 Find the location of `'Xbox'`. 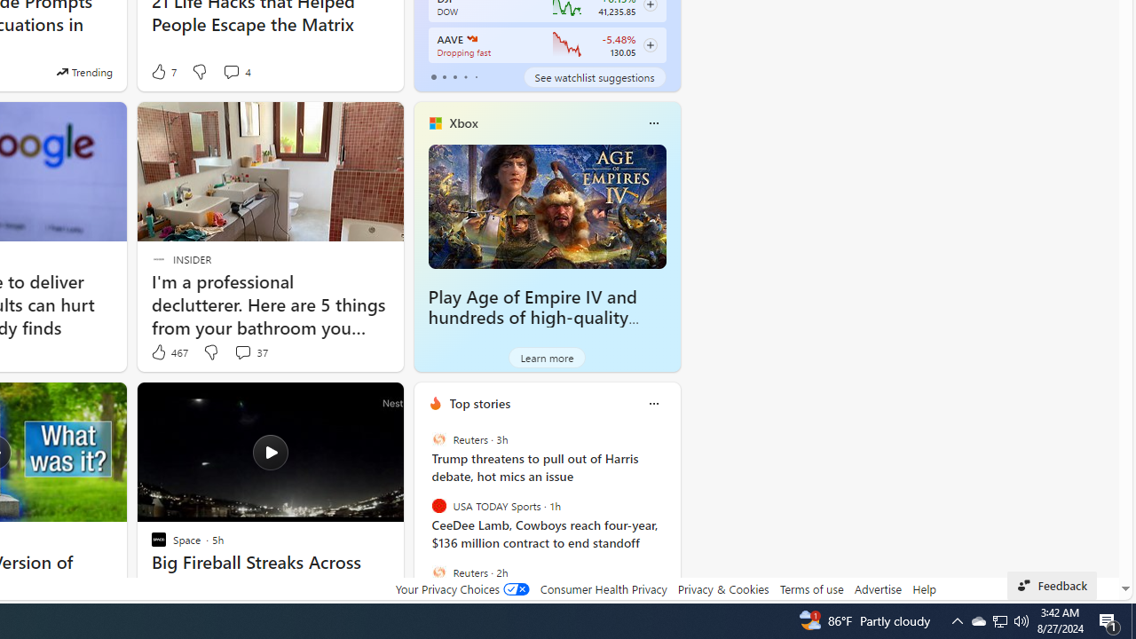

'Xbox' is located at coordinates (463, 122).